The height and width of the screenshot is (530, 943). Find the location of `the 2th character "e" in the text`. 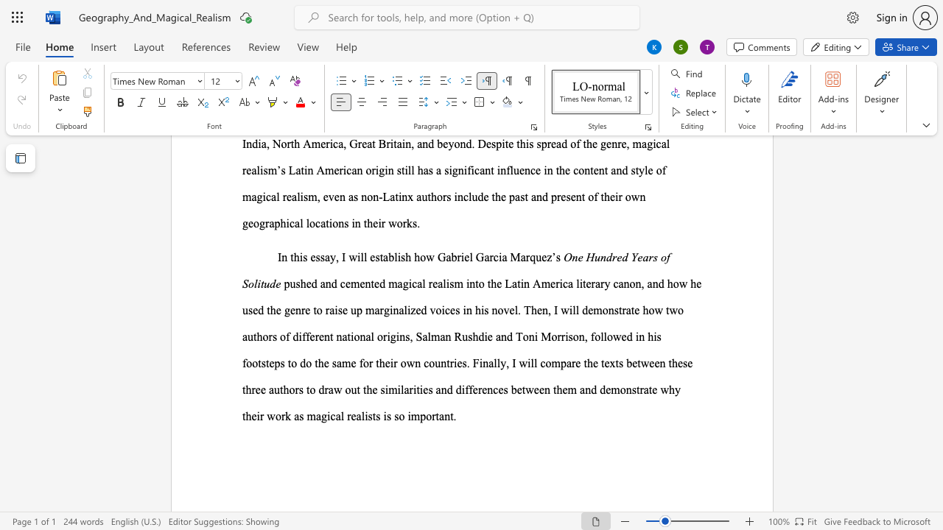

the 2th character "e" in the text is located at coordinates (272, 363).